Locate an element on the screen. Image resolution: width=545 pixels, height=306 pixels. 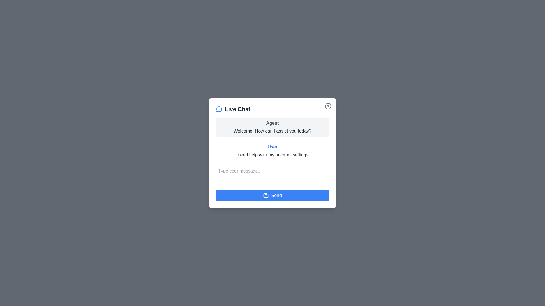
the close button in the top-right corner of the dialog to close it is located at coordinates (328, 106).